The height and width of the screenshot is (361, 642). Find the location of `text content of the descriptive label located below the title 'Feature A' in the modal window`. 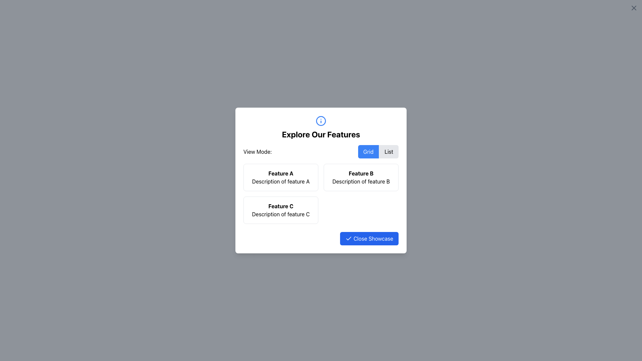

text content of the descriptive label located below the title 'Feature A' in the modal window is located at coordinates (281, 182).